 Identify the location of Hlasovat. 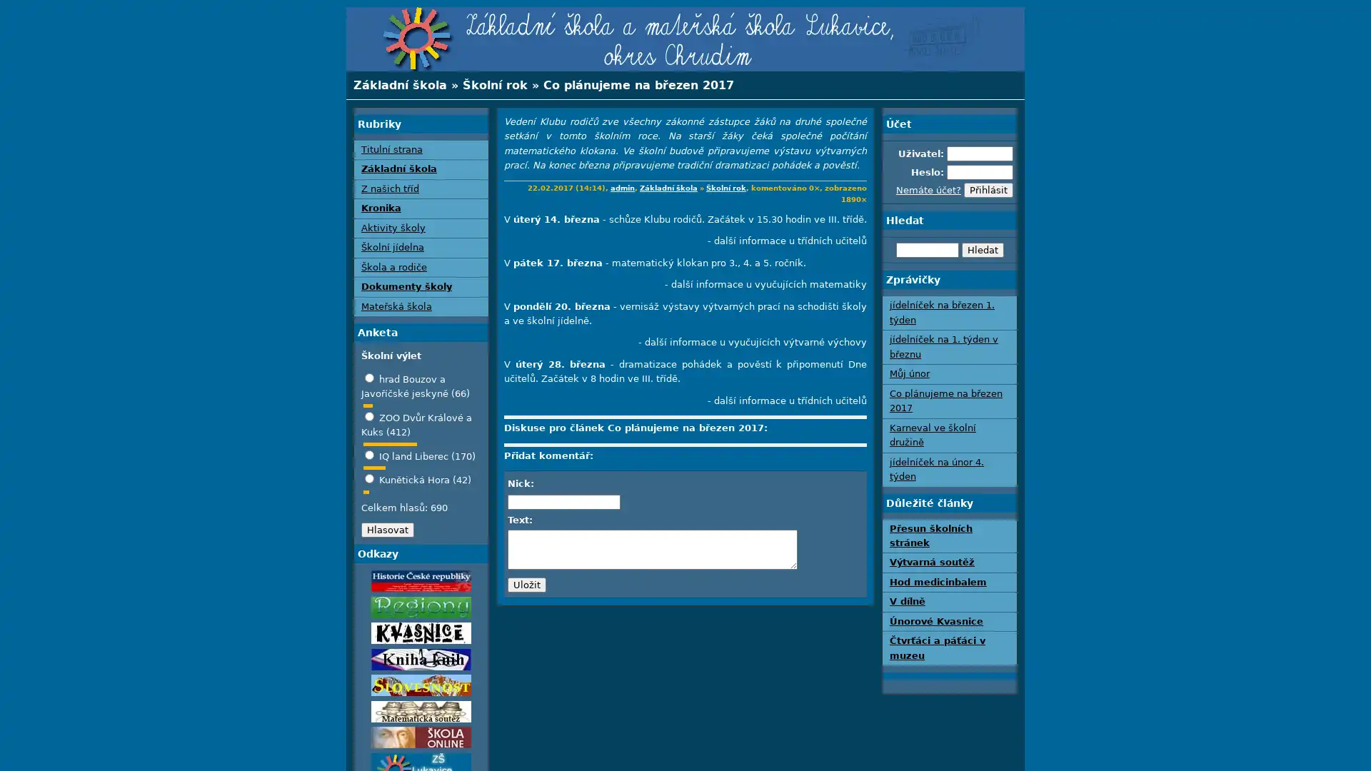
(387, 529).